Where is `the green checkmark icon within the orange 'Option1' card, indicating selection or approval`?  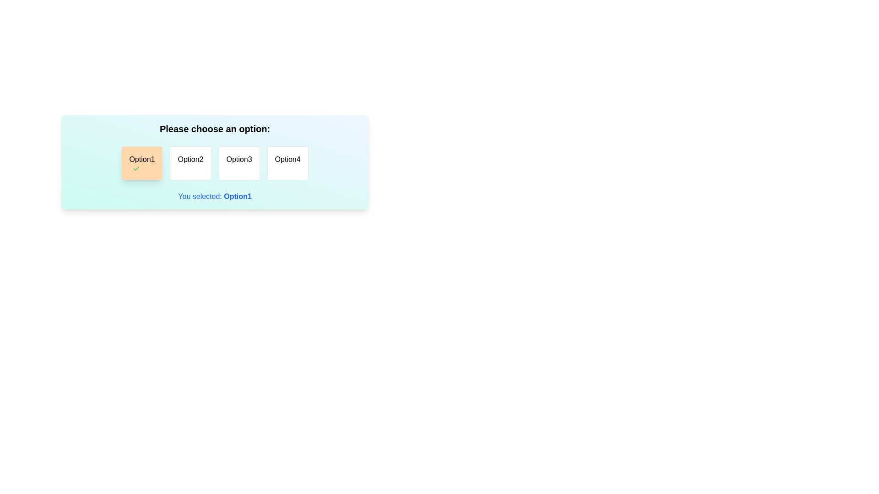 the green checkmark icon within the orange 'Option1' card, indicating selection or approval is located at coordinates (136, 169).